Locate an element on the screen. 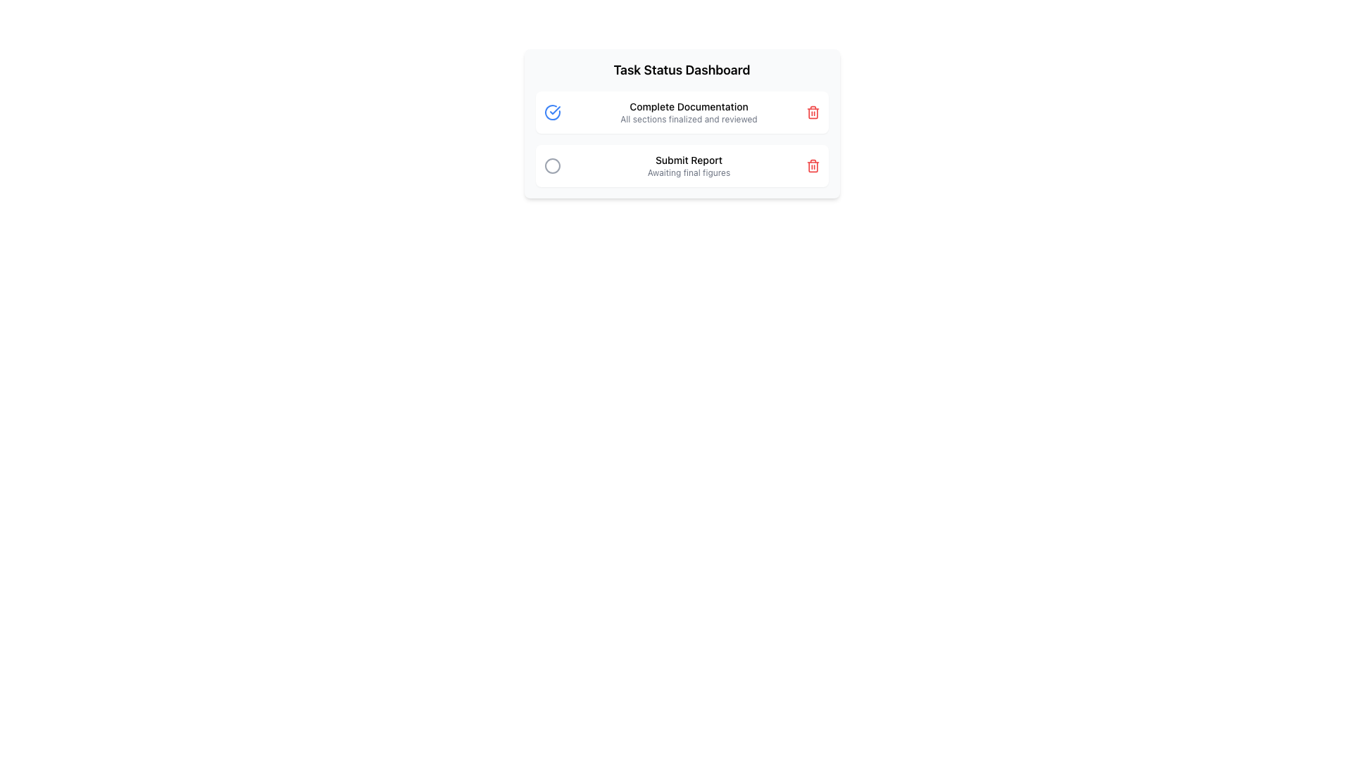 The width and height of the screenshot is (1352, 760). the first task card in the 'Task Status Dashboard' is located at coordinates (682, 111).